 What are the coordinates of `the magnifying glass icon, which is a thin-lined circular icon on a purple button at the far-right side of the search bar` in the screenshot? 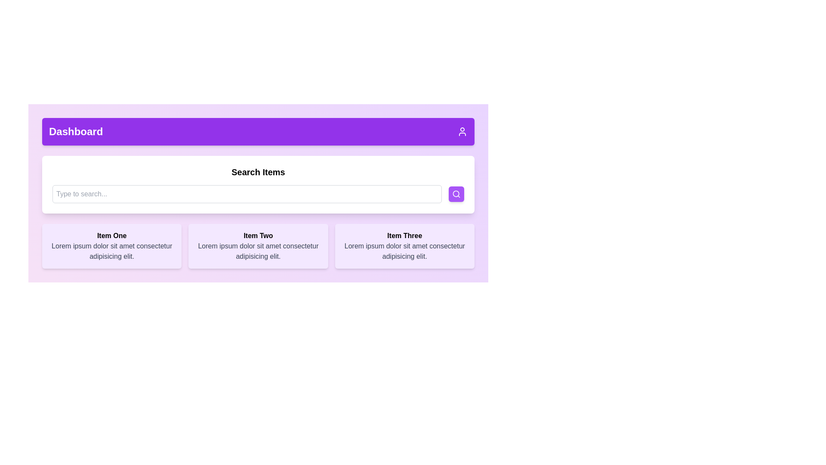 It's located at (456, 194).